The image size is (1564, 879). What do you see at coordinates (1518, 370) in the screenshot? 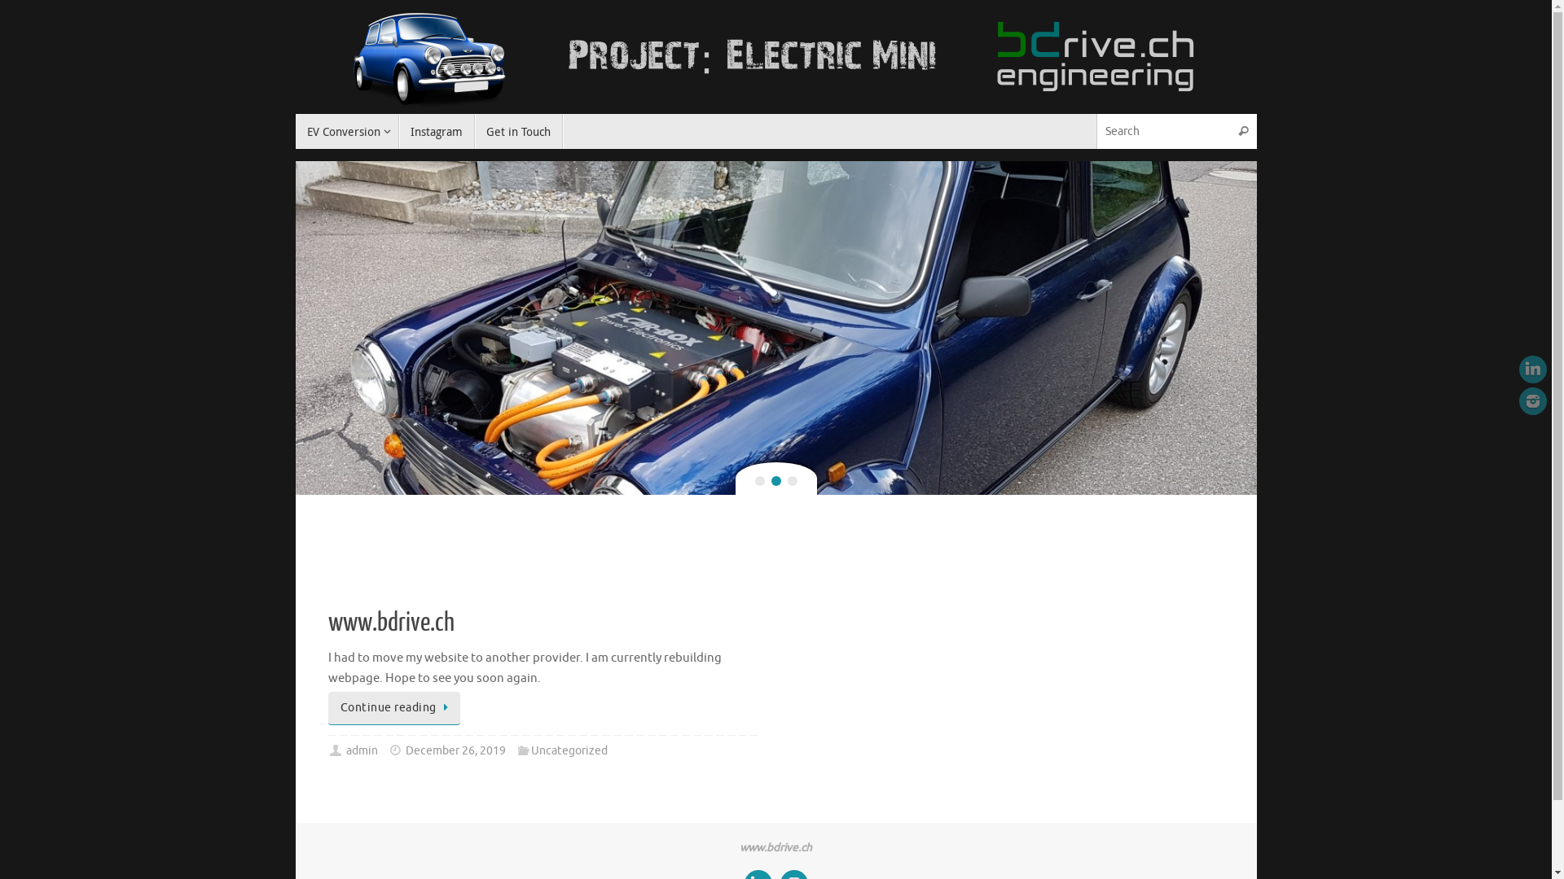
I see `'LinkedIn'` at bounding box center [1518, 370].